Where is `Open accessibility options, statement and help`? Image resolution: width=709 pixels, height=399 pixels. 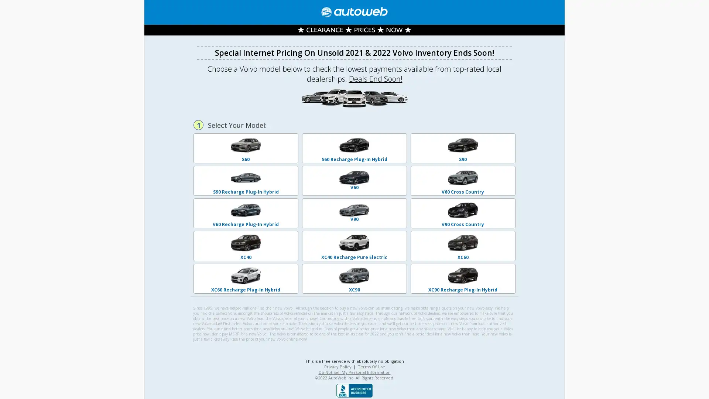
Open accessibility options, statement and help is located at coordinates (16, 383).